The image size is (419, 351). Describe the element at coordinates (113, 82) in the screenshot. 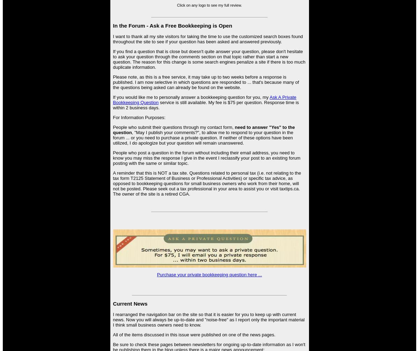

I see `'Please note, as this is a free service, it may take up to two weeks before a response is published. I am now selective in which questions are responded to ... that's because many of the questions being asked can already be found on the website.'` at that location.